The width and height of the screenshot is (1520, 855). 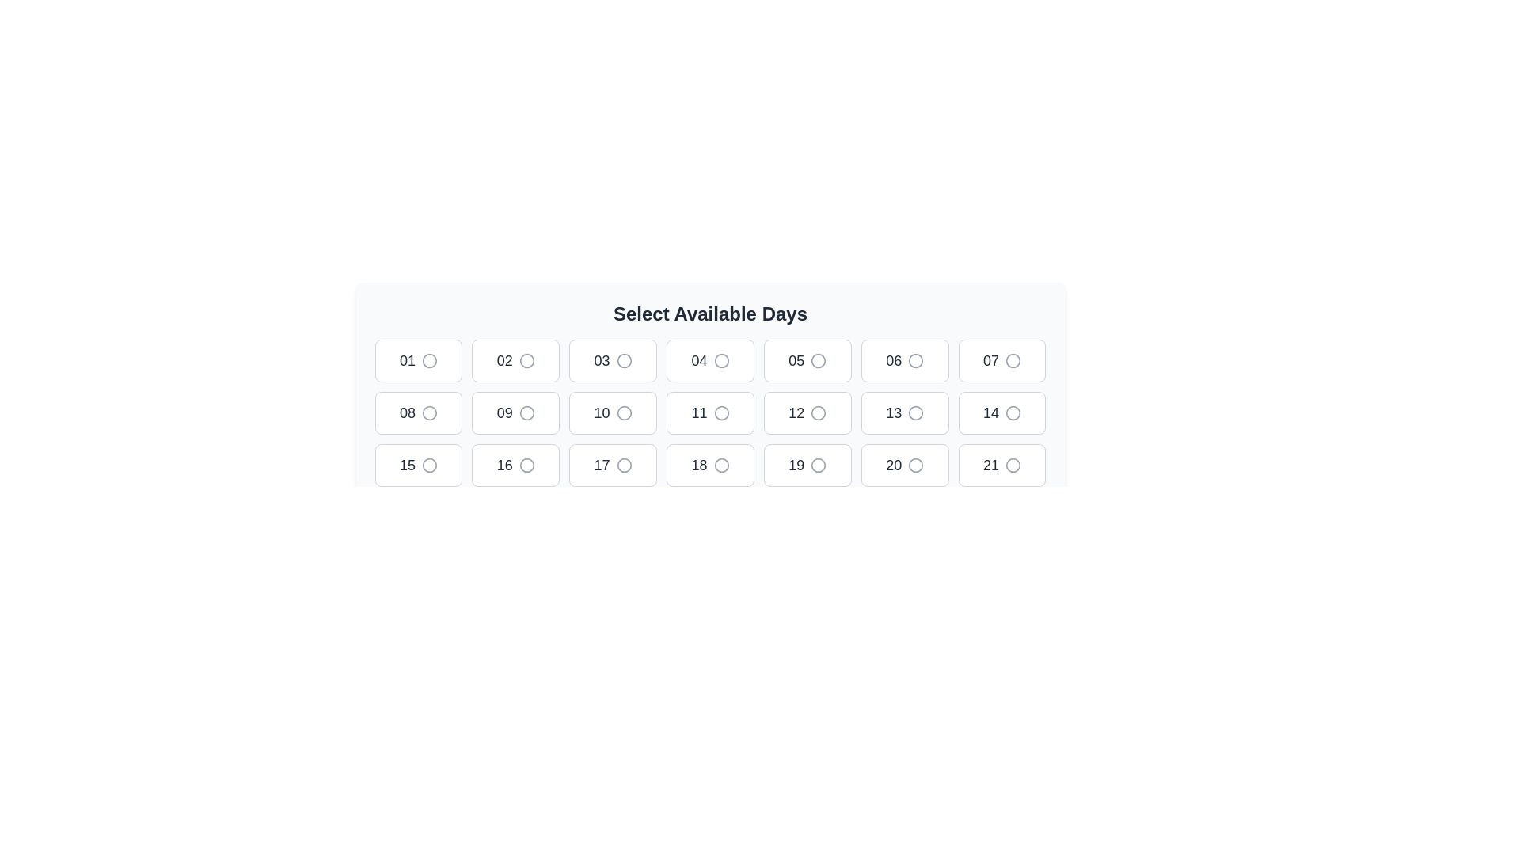 What do you see at coordinates (1013, 360) in the screenshot?
I see `the selection status of the radio button corresponding to the number '07', which is a circular selector with a gray stroke and white fill, located in the first row, seventh column of the grid` at bounding box center [1013, 360].